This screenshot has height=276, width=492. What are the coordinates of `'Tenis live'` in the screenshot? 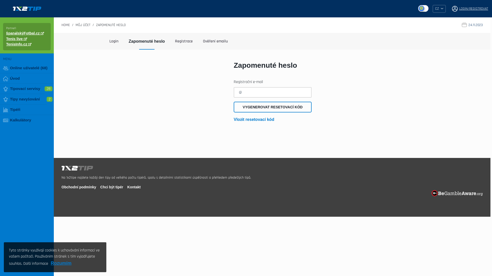 It's located at (17, 38).